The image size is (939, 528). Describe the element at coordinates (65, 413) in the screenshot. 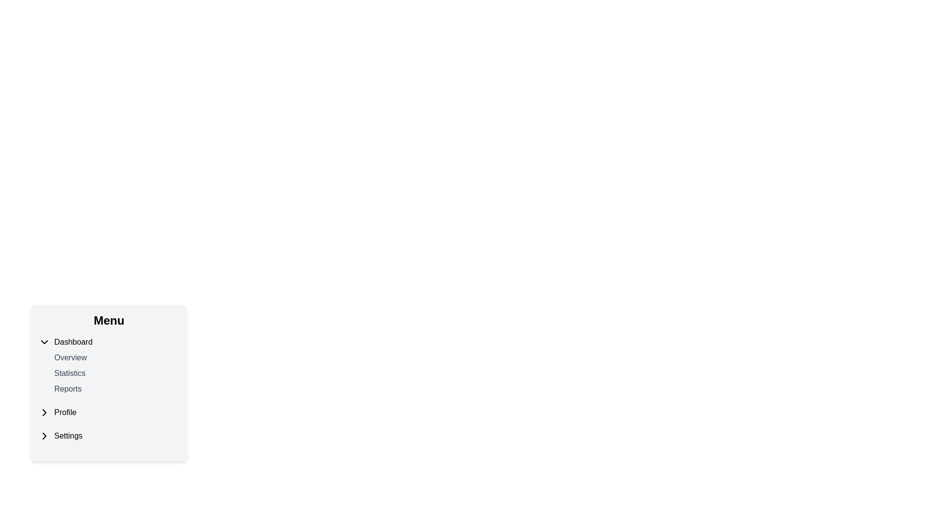

I see `the profile menu item label located in the vertical navigation menu under the 'Menu' heading, positioned between a chevron icon and the 'Settings' option` at that location.